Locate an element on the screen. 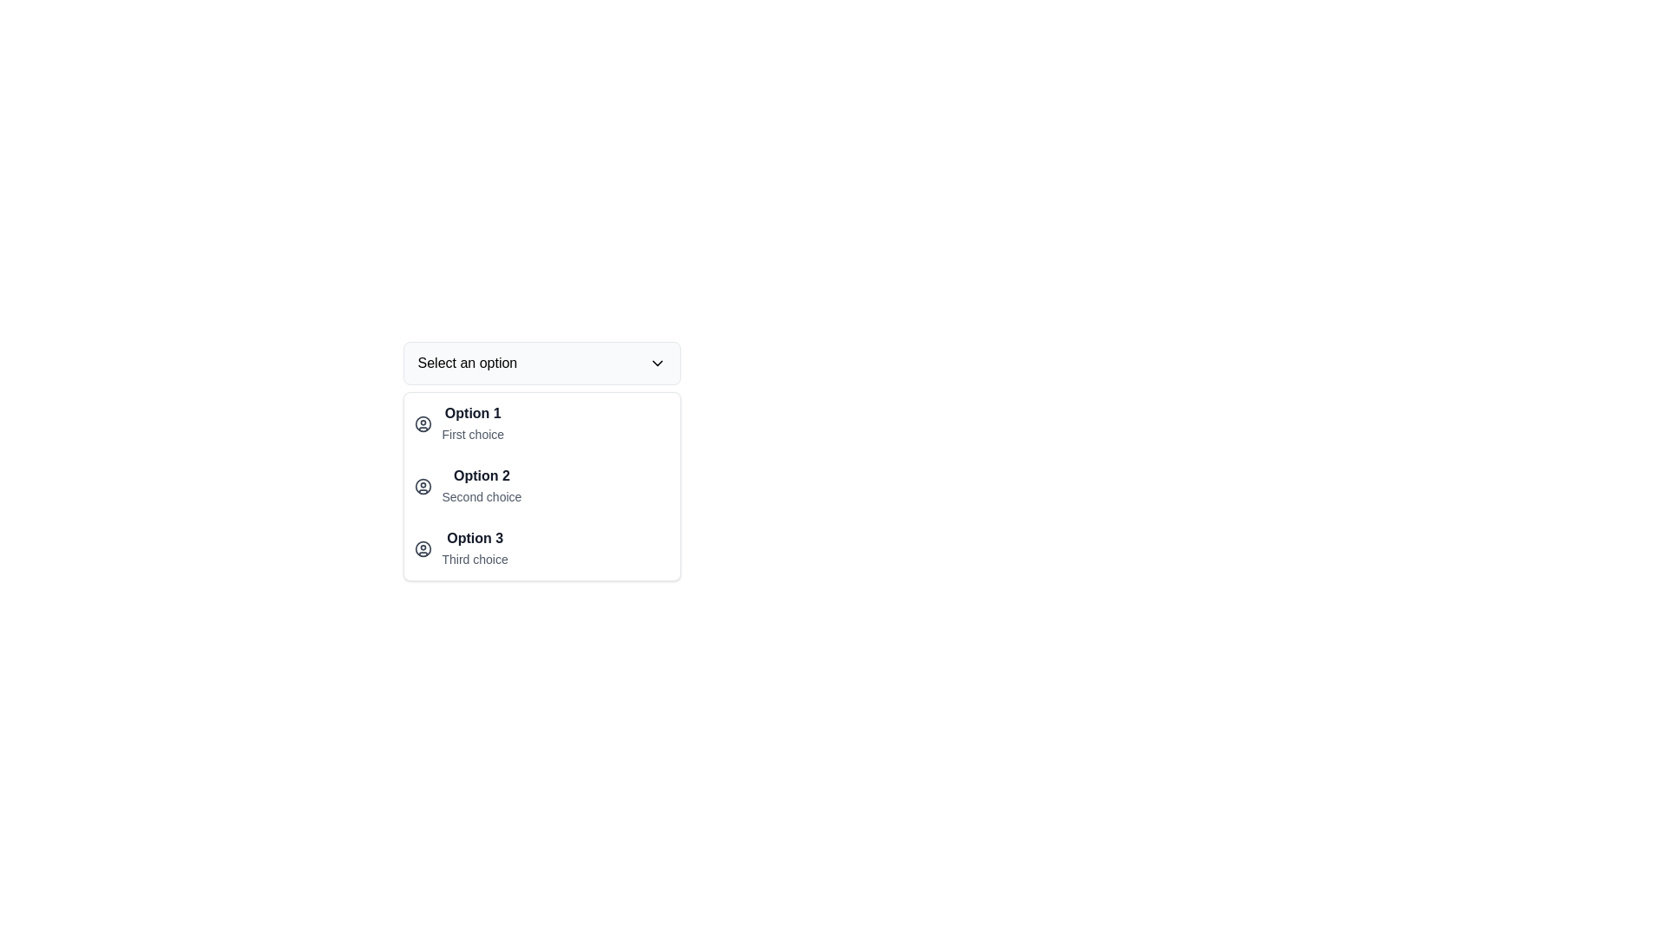 The image size is (1666, 937). the bolded text label 'Option 3' in the dropdown menu, which is the third item and is styled with a stronger font weight in dark gray color is located at coordinates (475, 538).